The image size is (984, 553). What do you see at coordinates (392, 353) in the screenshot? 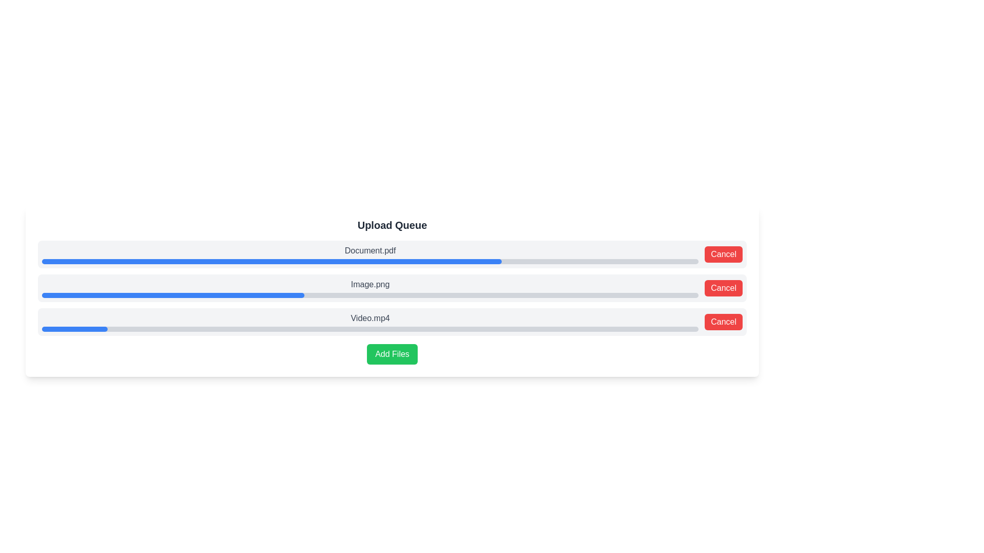
I see `the file upload button located at the bottom center of the interface` at bounding box center [392, 353].